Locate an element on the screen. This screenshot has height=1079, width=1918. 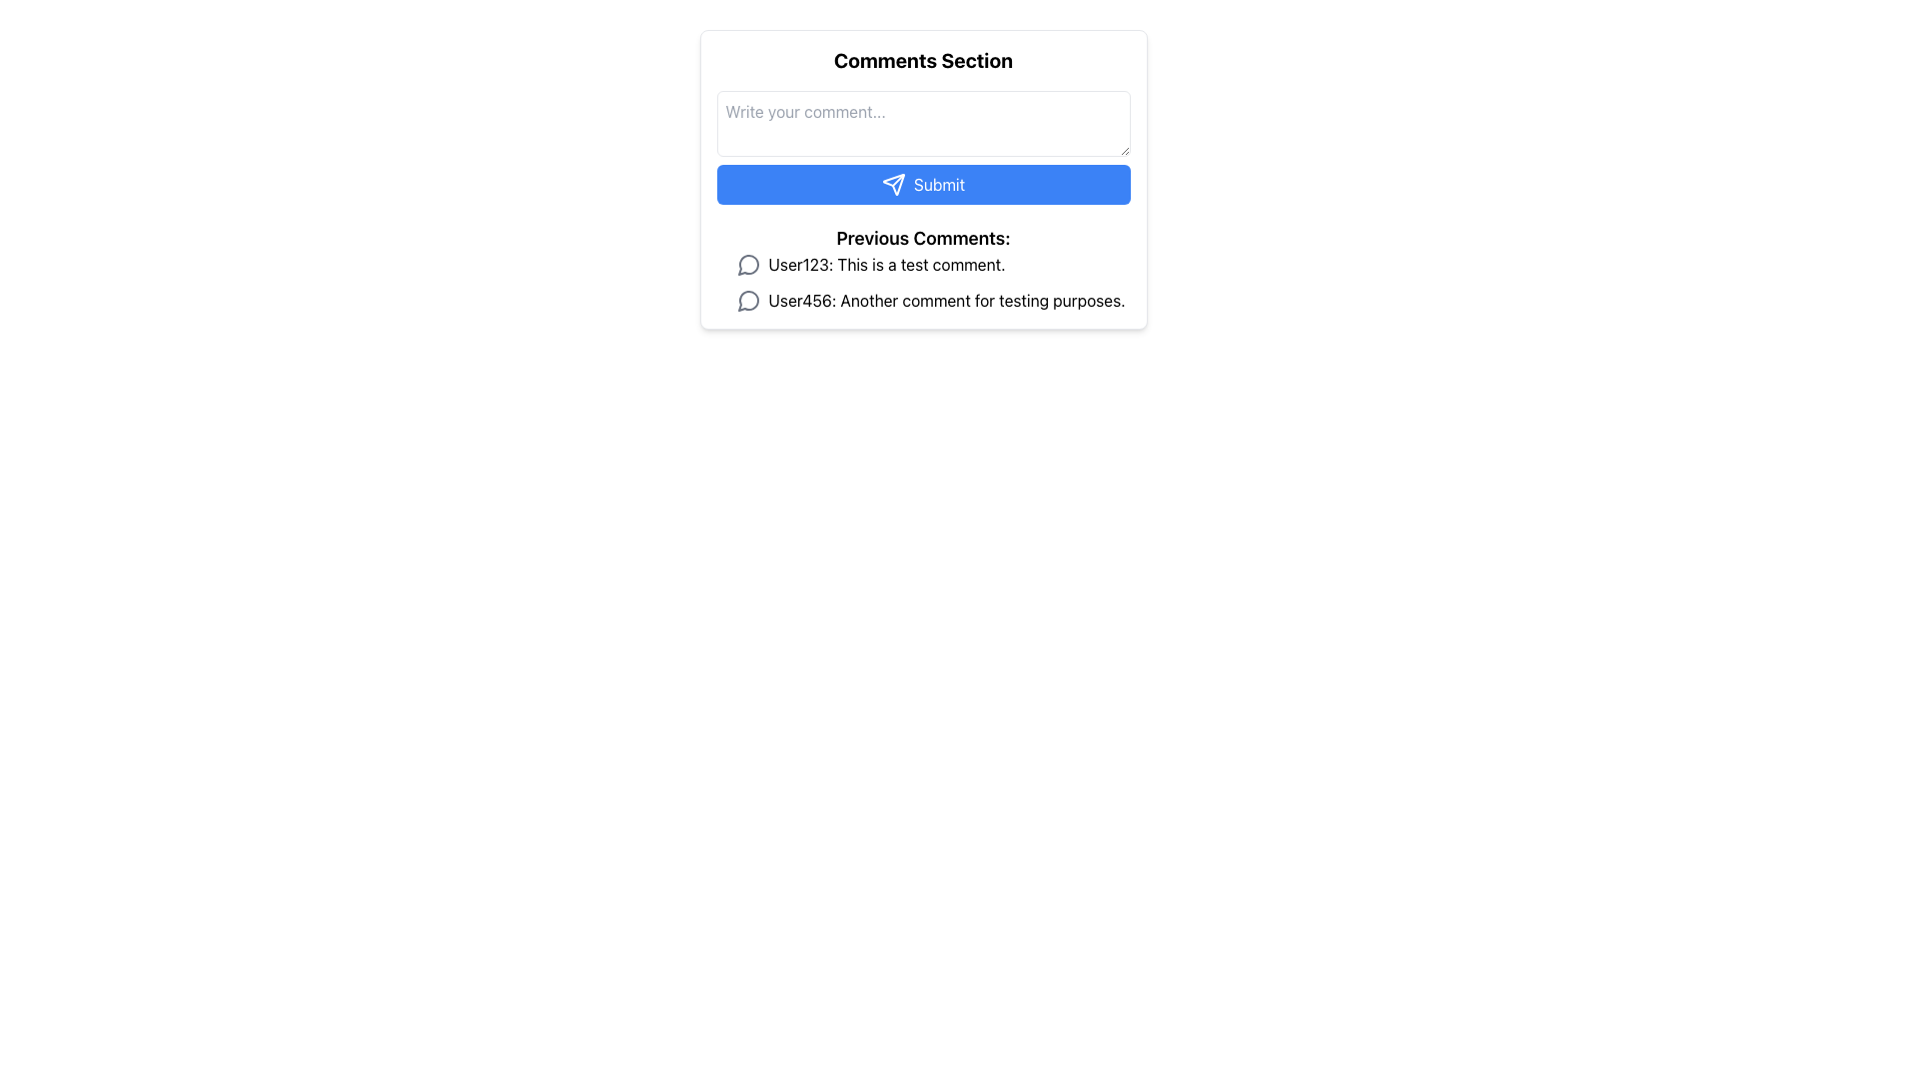
text from the centered, bold heading labeled 'Comments Section' located at the top of the white card is located at coordinates (922, 60).